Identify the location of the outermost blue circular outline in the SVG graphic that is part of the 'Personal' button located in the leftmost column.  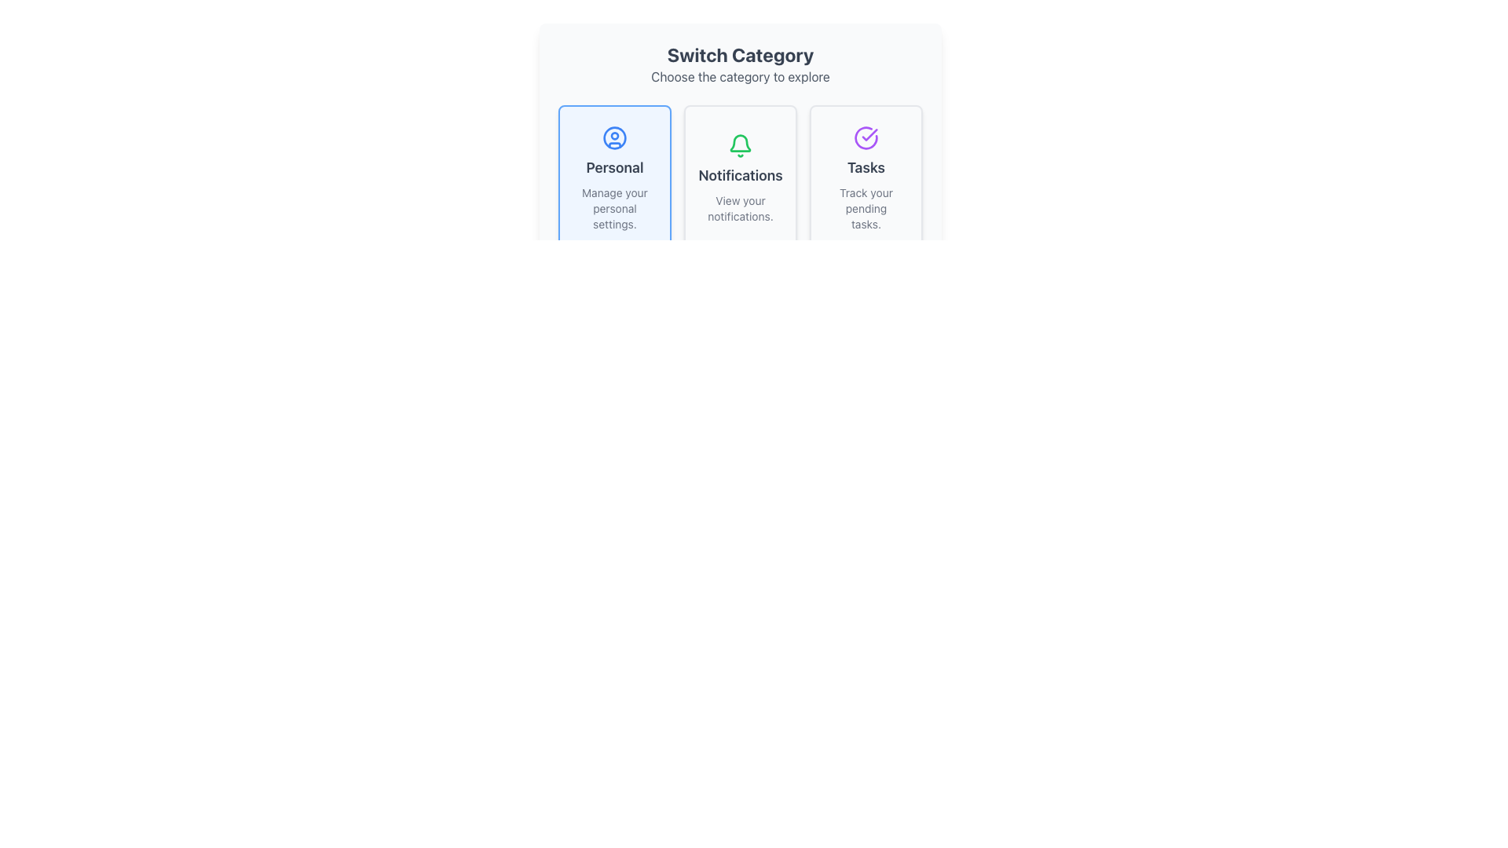
(613, 137).